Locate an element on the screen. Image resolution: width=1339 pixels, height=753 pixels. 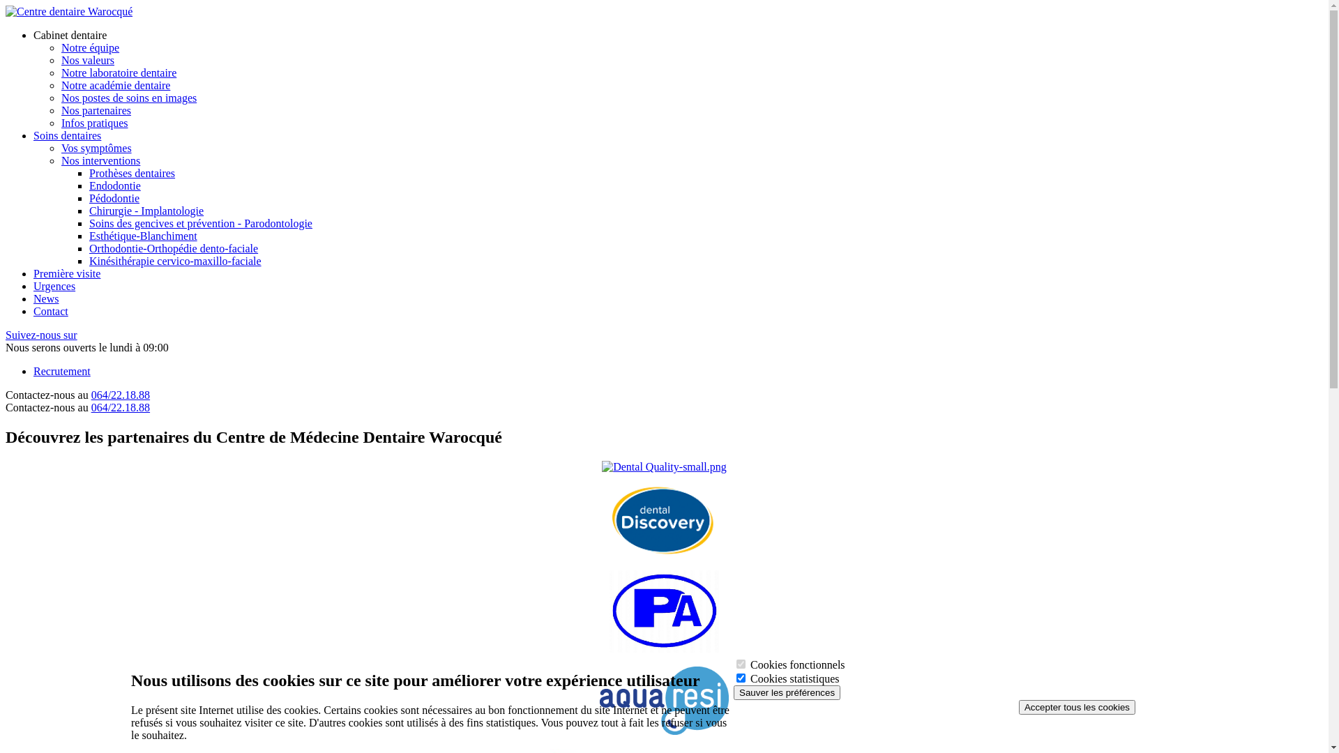
'064/22.18.88' is located at coordinates (90, 395).